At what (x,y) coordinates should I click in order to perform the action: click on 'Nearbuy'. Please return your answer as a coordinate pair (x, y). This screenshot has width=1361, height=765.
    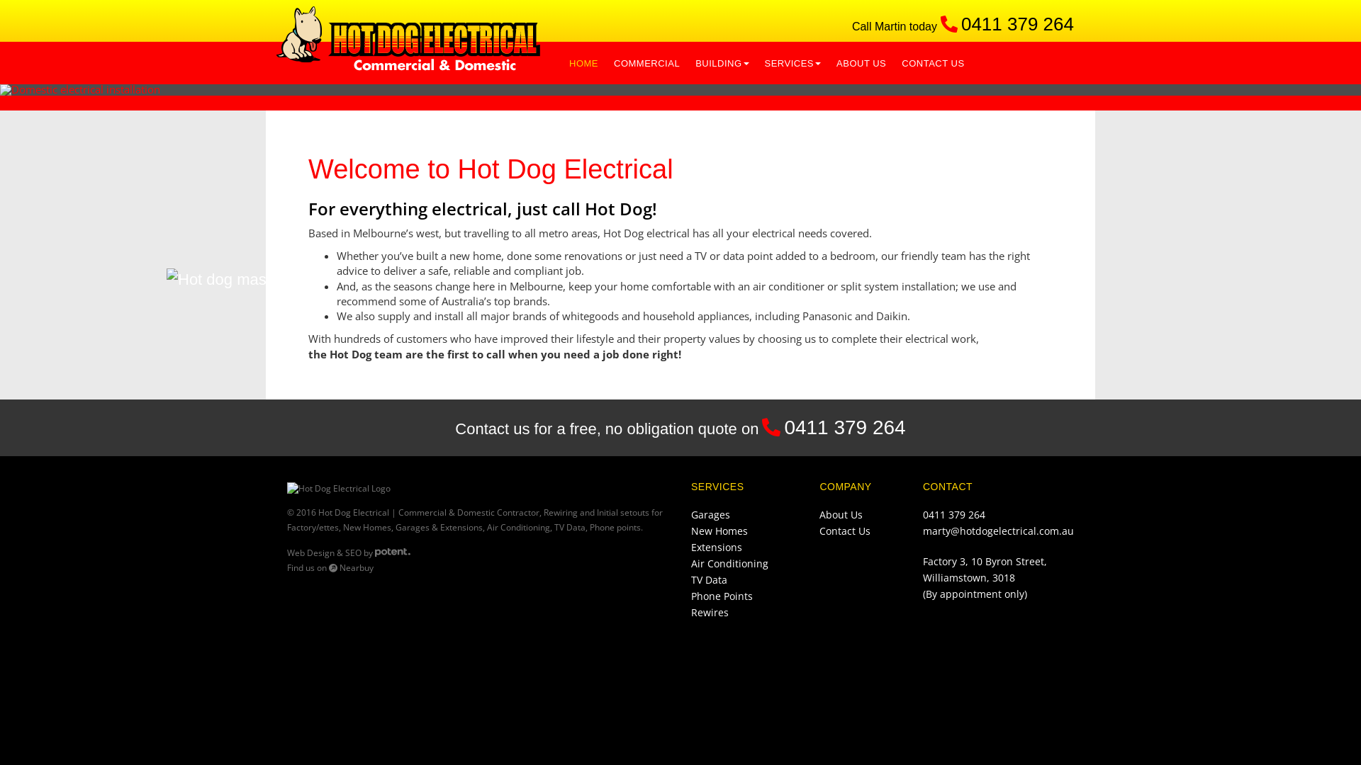
    Looking at the image, I should click on (351, 567).